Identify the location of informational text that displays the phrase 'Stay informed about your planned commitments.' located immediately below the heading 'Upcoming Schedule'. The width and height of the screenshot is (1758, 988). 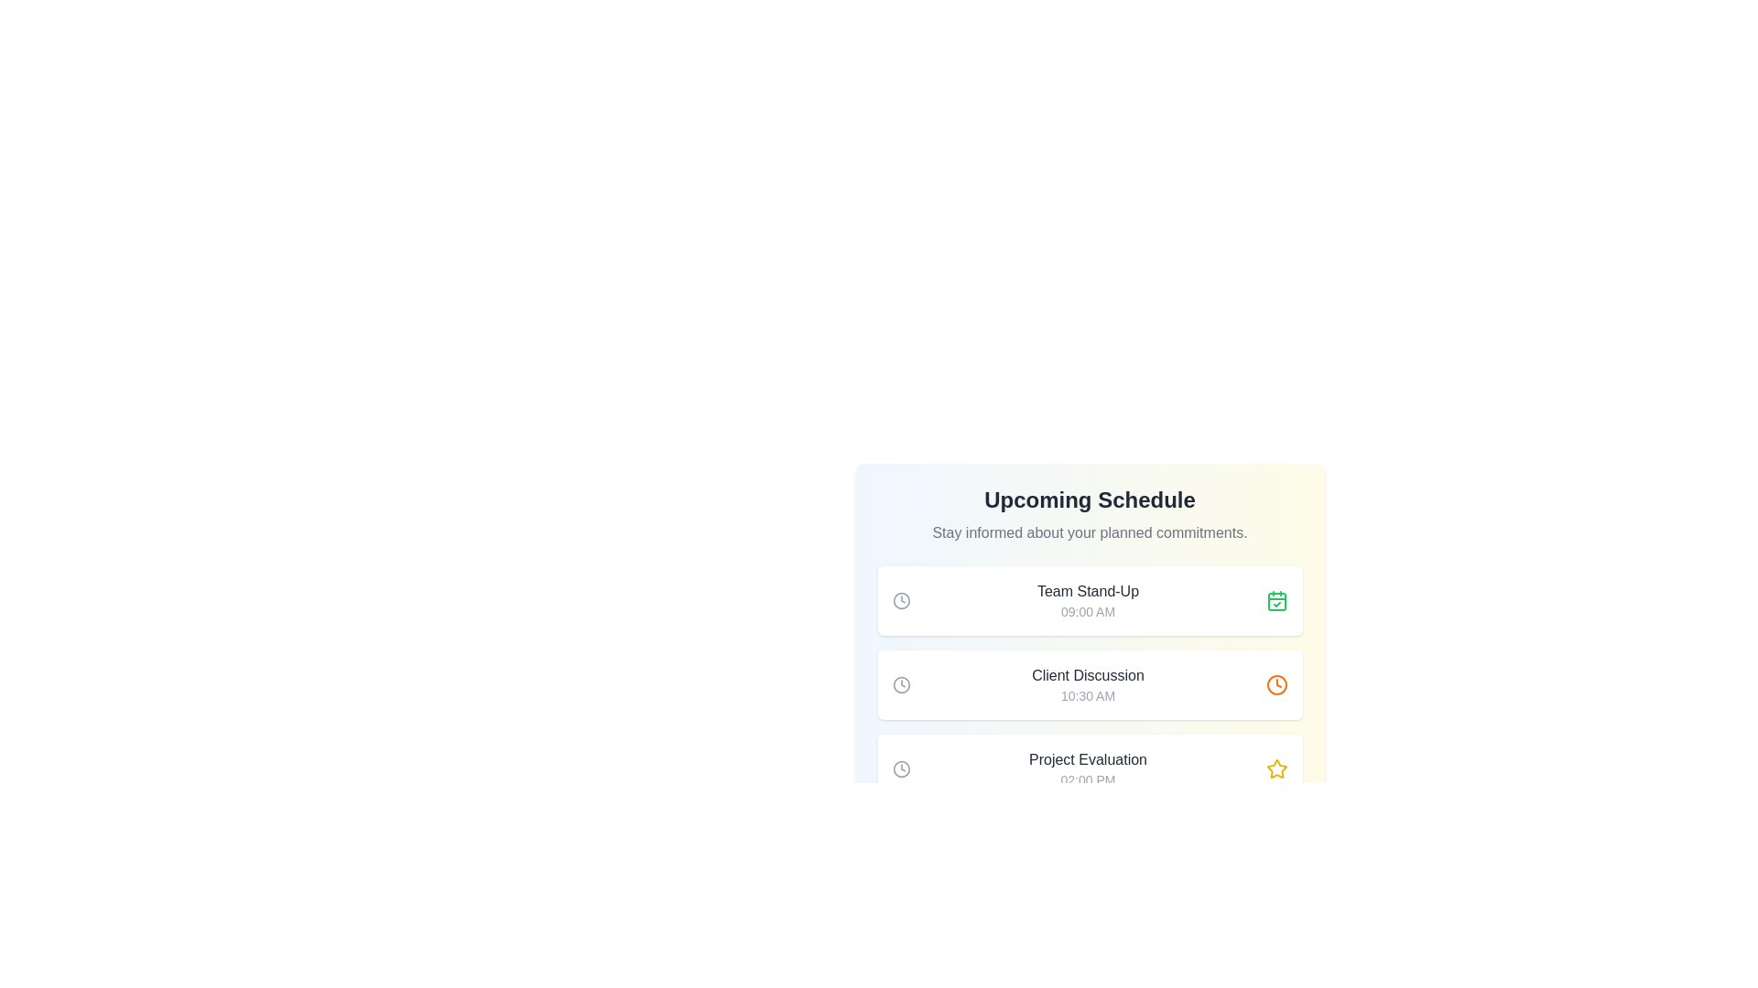
(1090, 532).